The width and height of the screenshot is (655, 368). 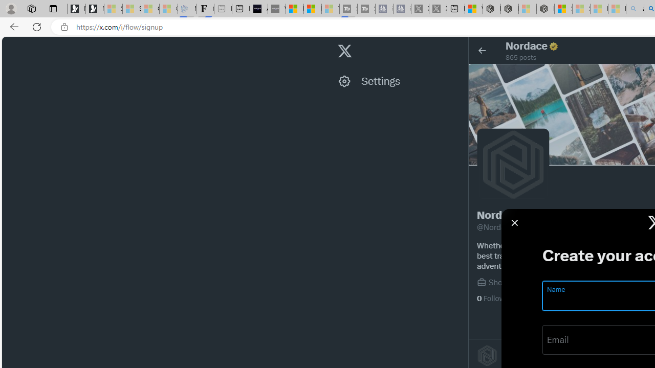 I want to click on 'What', so click(x=276, y=9).